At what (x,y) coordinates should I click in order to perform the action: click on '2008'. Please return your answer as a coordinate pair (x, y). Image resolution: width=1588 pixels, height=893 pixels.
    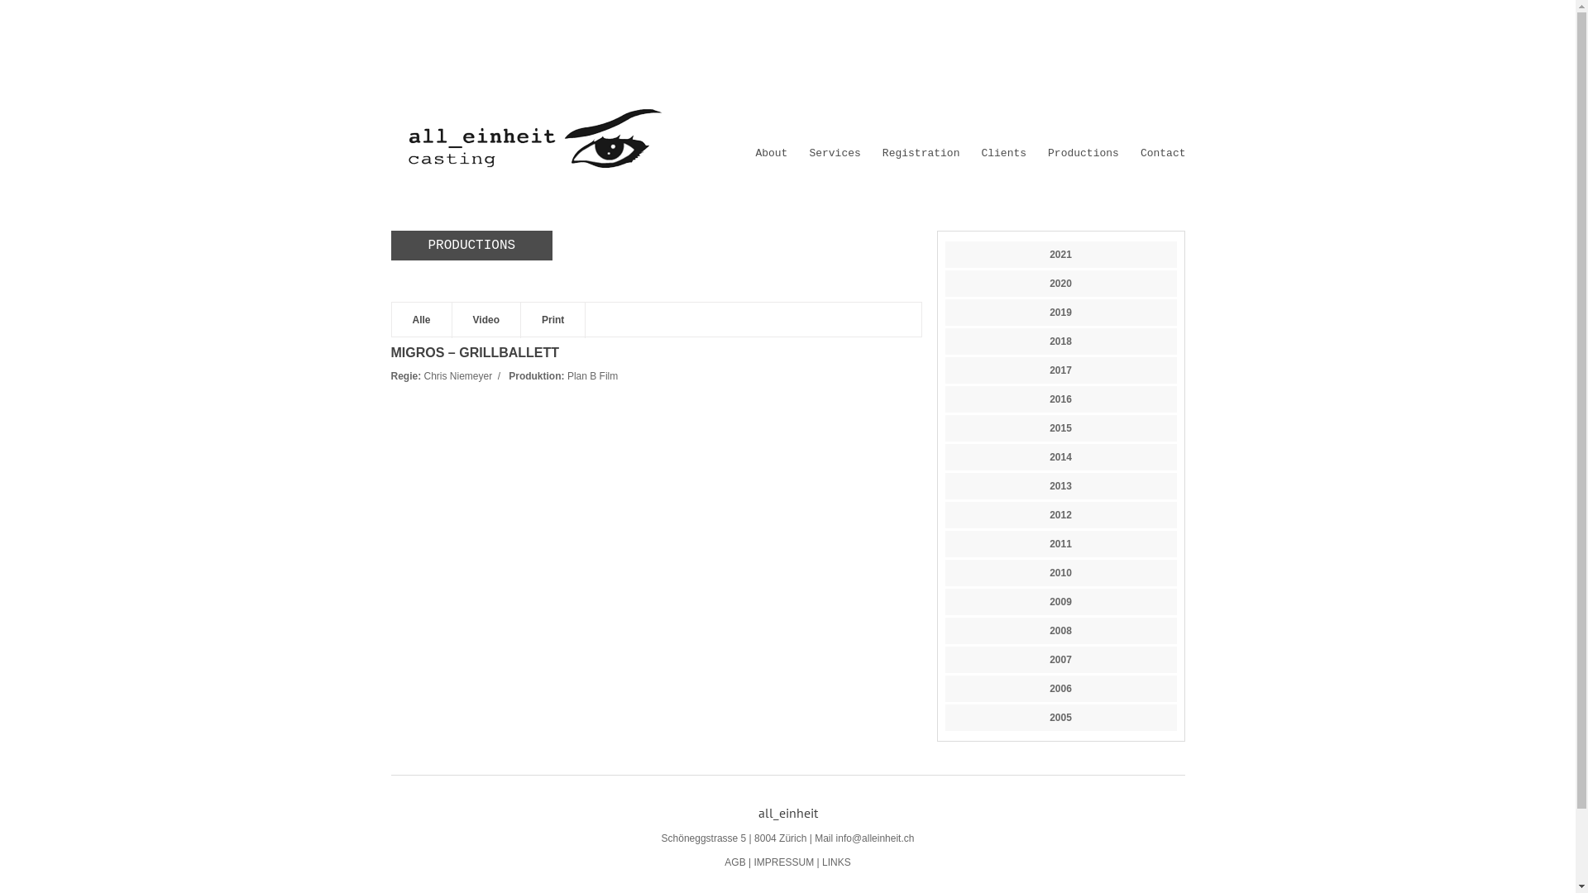
    Looking at the image, I should click on (945, 631).